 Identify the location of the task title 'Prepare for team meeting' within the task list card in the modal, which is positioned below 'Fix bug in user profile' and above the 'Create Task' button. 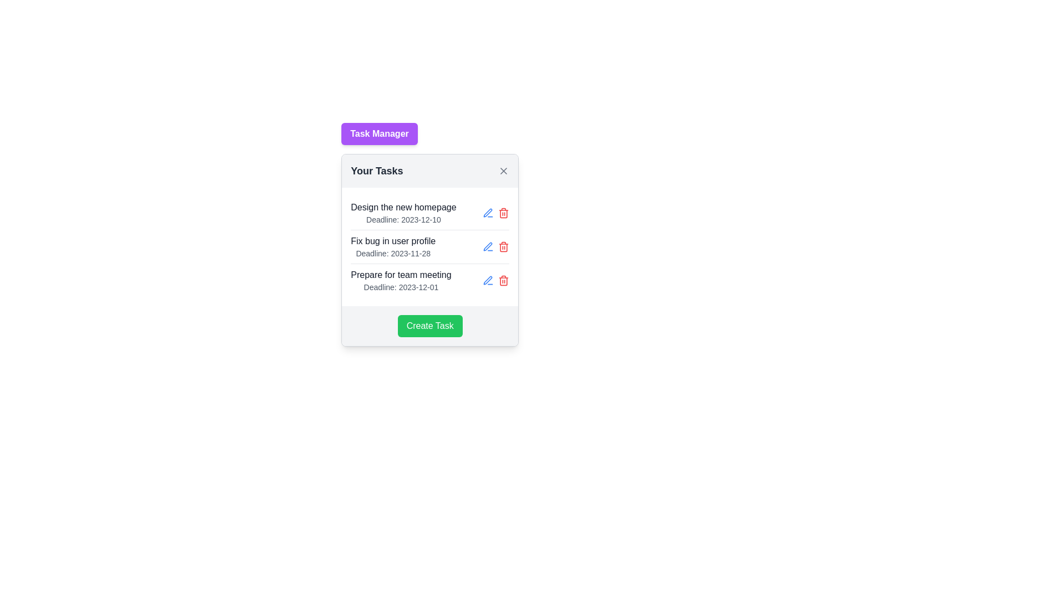
(401, 280).